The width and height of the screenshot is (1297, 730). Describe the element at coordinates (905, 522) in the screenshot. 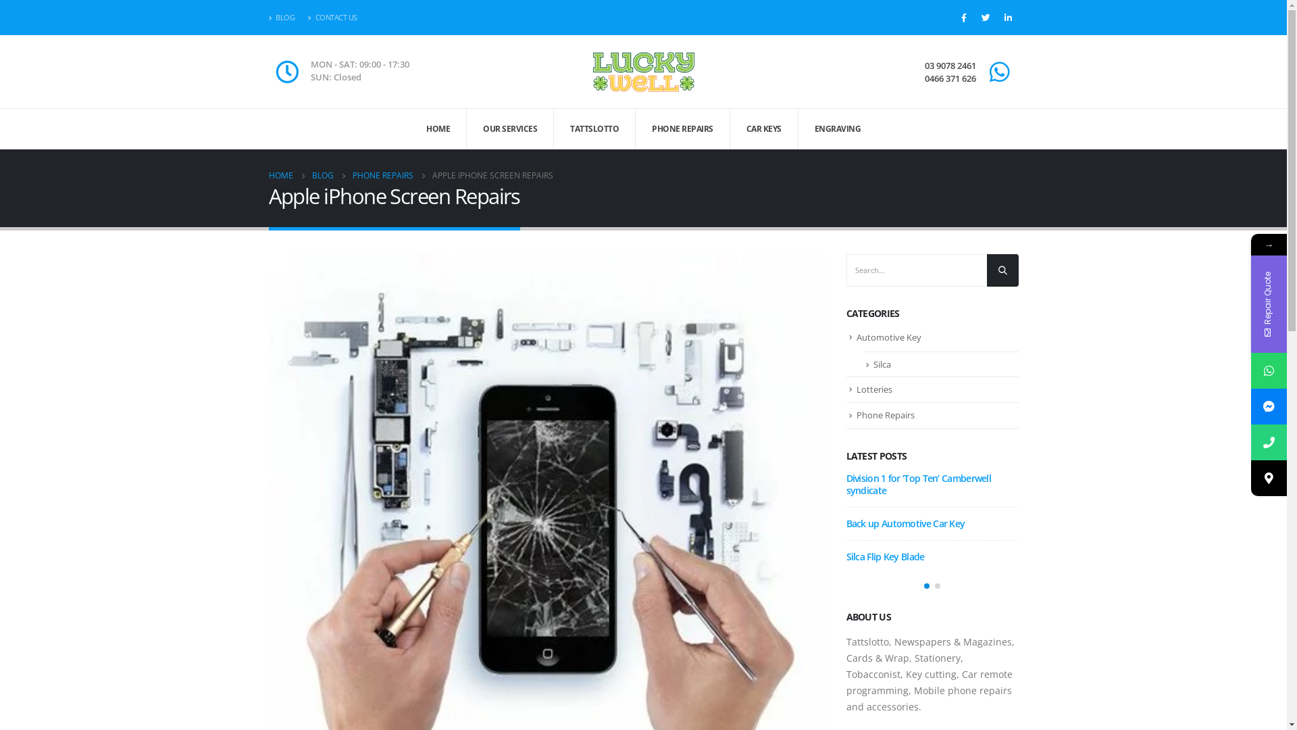

I see `'Back up Automotive Car Key'` at that location.